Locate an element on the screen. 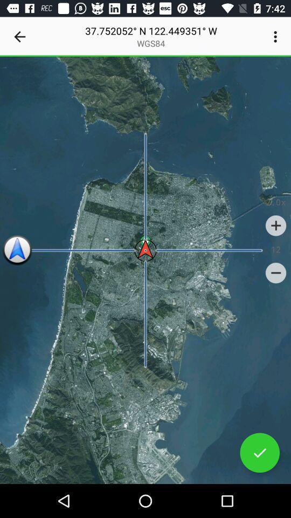 This screenshot has width=291, height=518. accep the direction is located at coordinates (259, 453).